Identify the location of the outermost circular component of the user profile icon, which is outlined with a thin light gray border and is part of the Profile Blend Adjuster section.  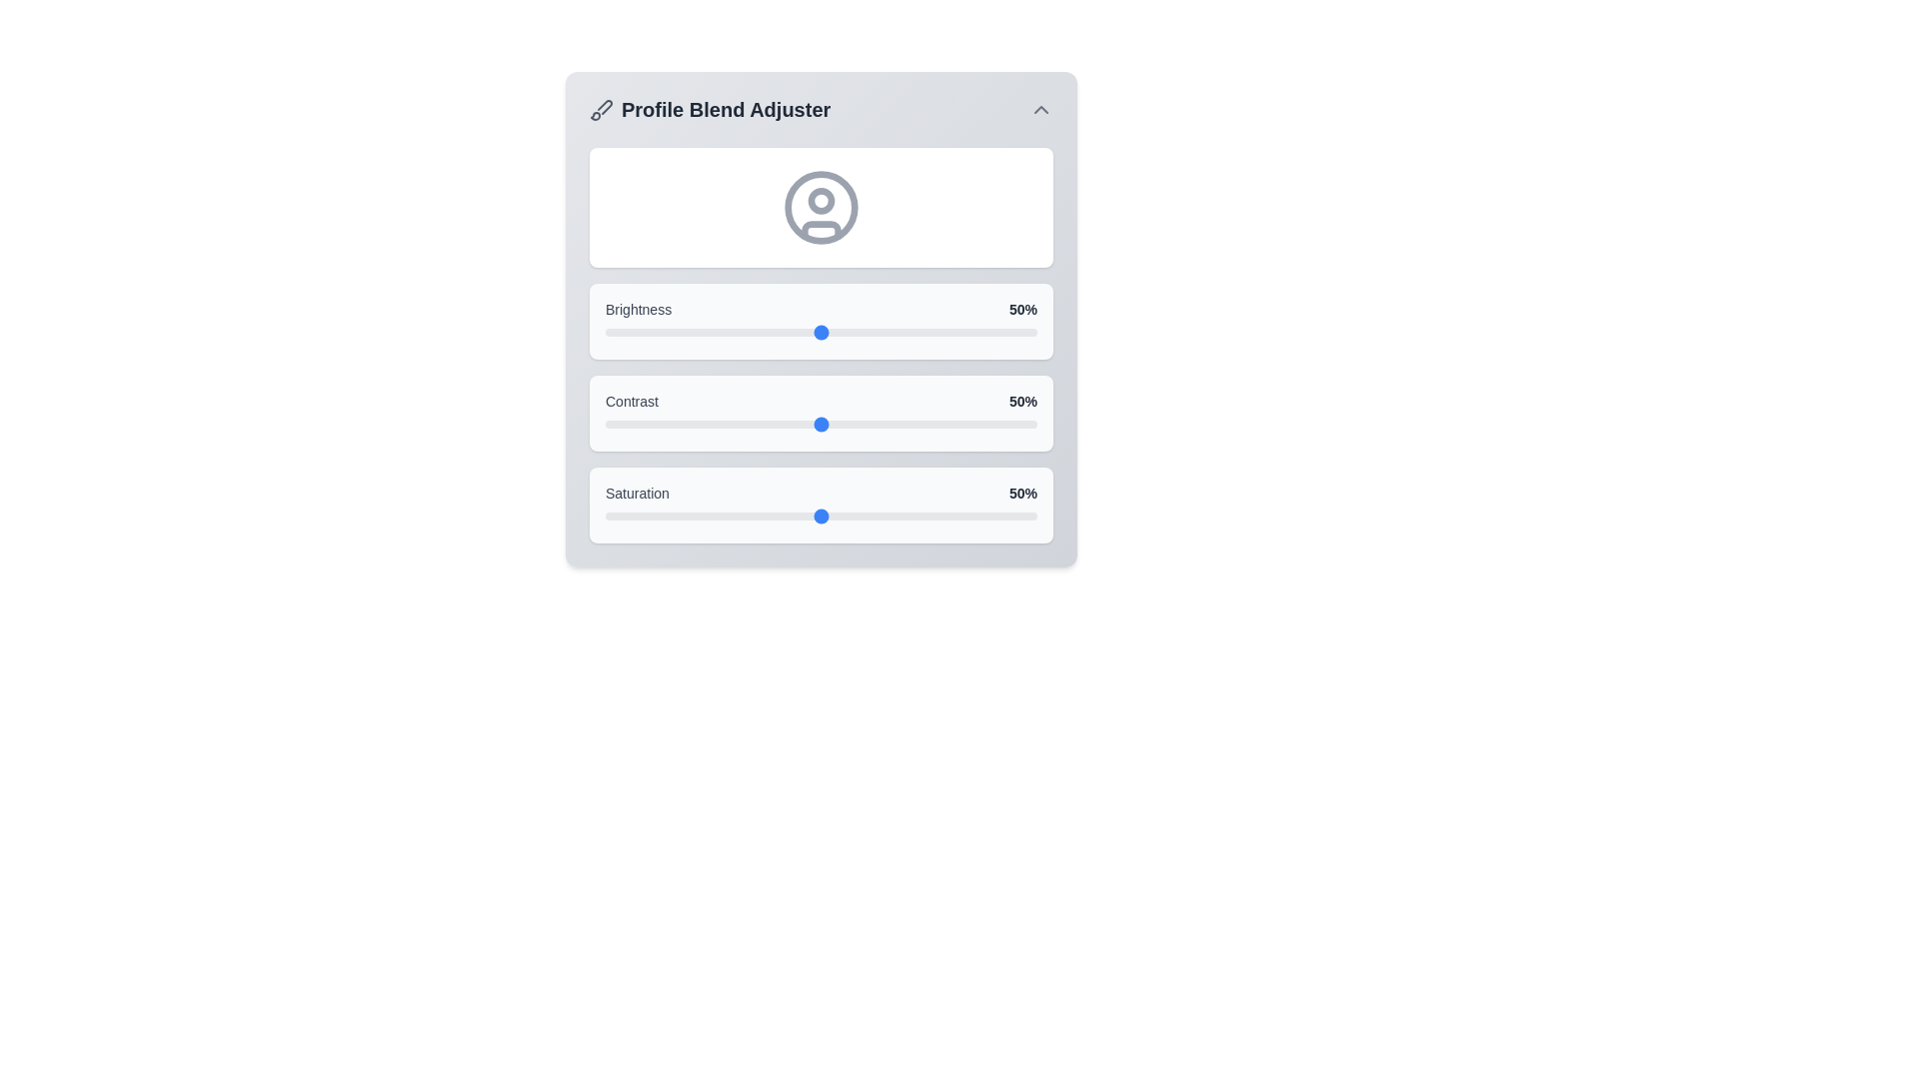
(821, 208).